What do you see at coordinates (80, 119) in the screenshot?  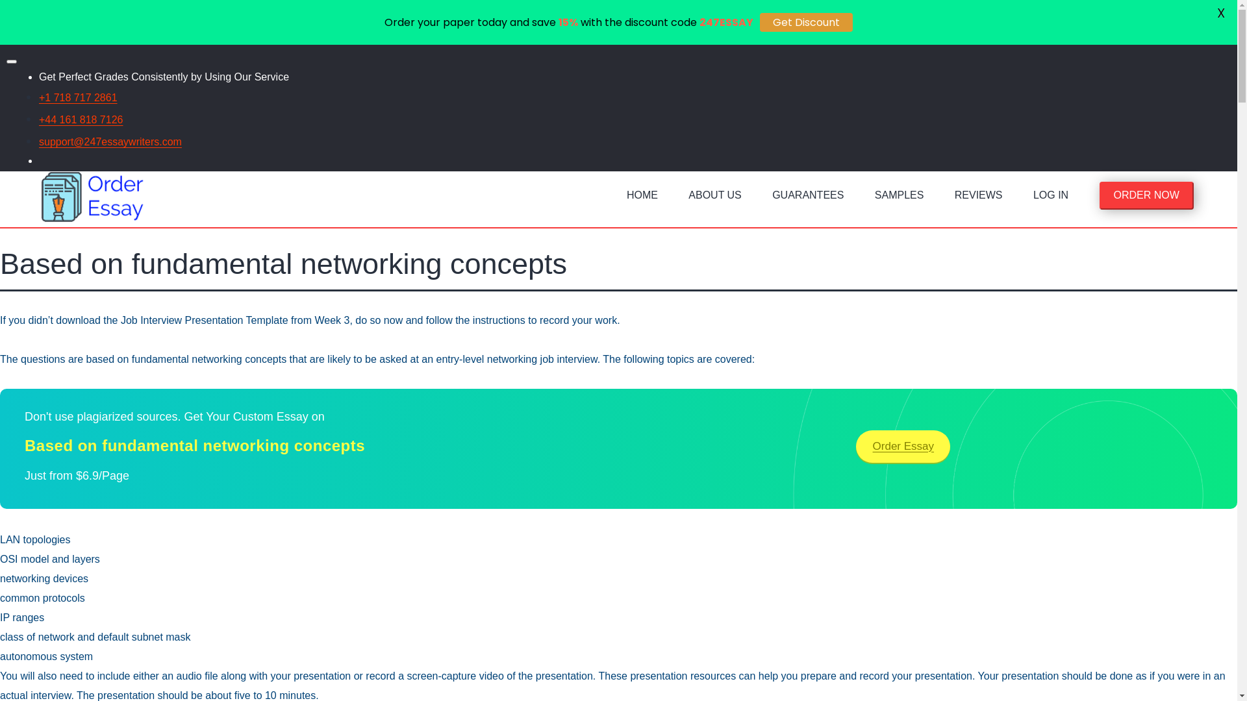 I see `'+44 161 818 7126'` at bounding box center [80, 119].